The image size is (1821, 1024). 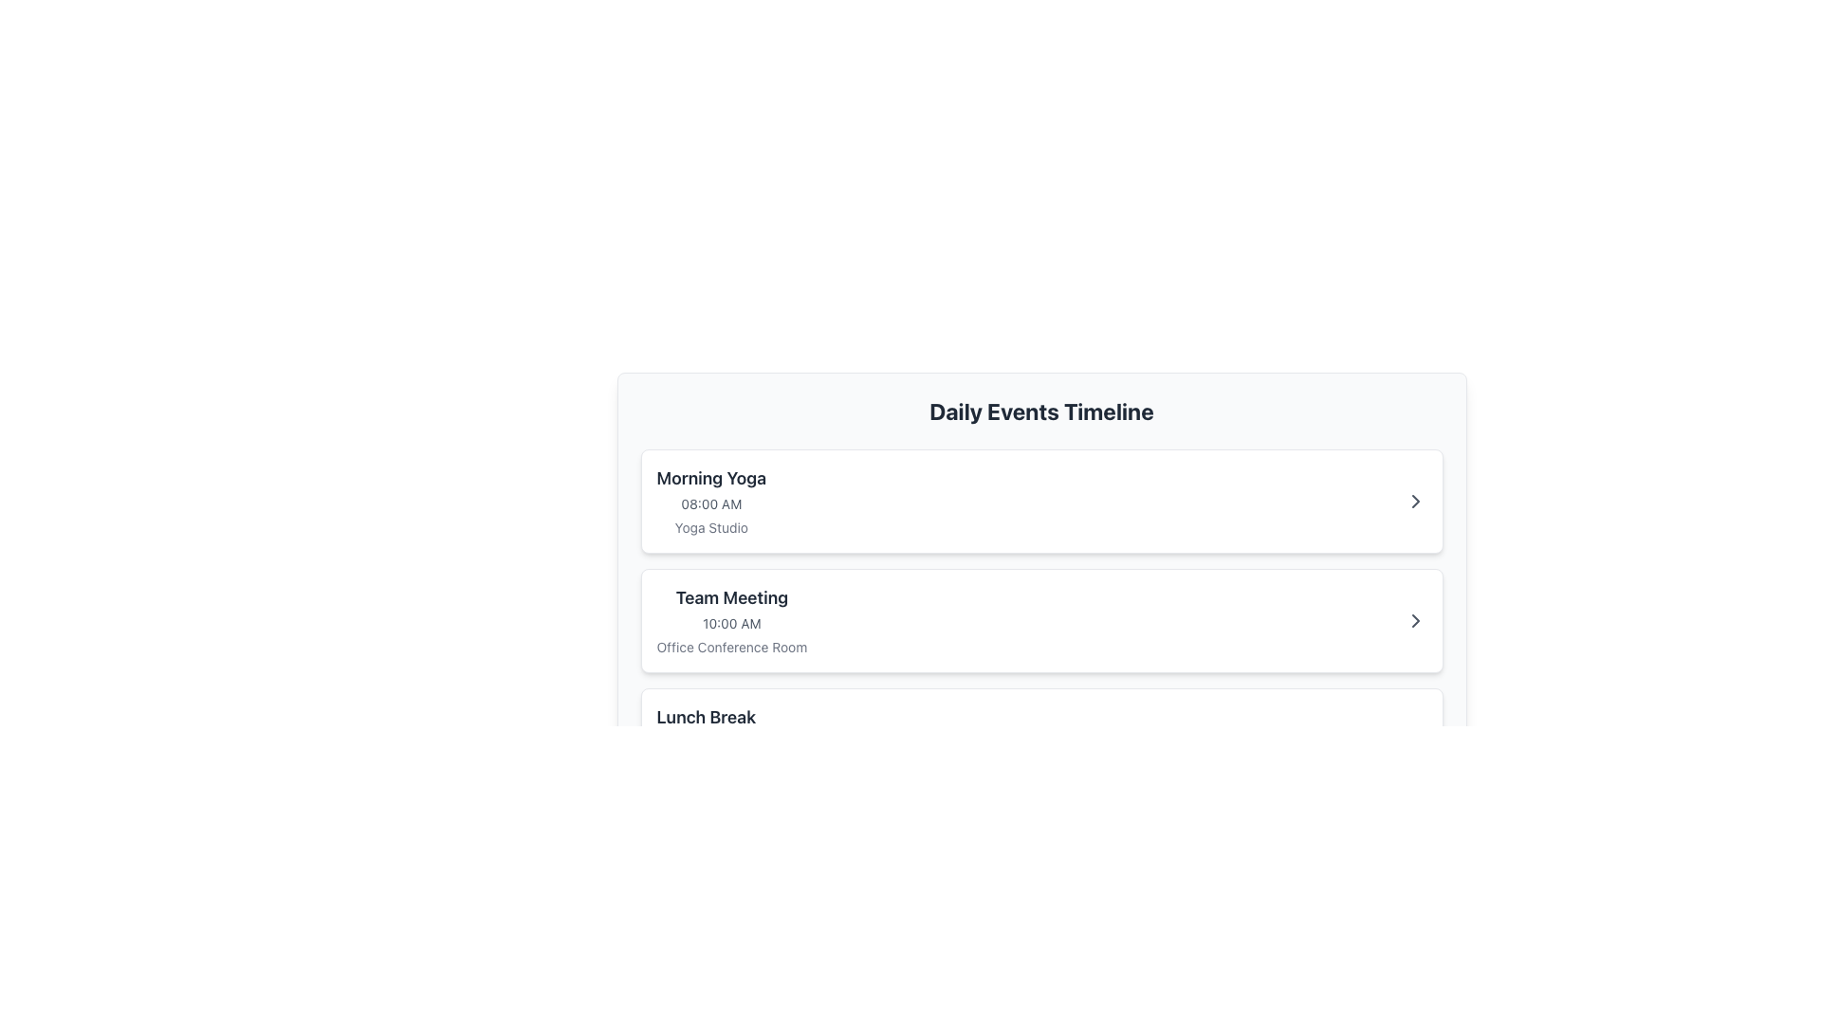 What do you see at coordinates (730, 623) in the screenshot?
I see `the text label displaying the scheduled time for the 'Team Meeting' event, located between the title and location labels` at bounding box center [730, 623].